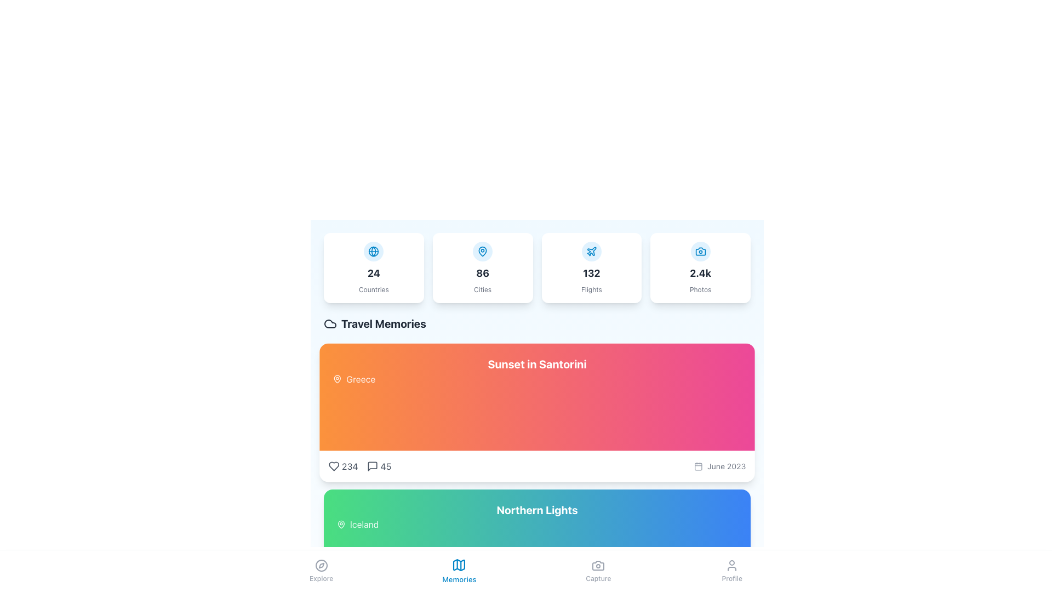 The width and height of the screenshot is (1052, 592). Describe the element at coordinates (697, 466) in the screenshot. I see `the decorative graphic component of the calendar icon located near the 'June 2023' label in the 'Sunset in Santorini' section` at that location.